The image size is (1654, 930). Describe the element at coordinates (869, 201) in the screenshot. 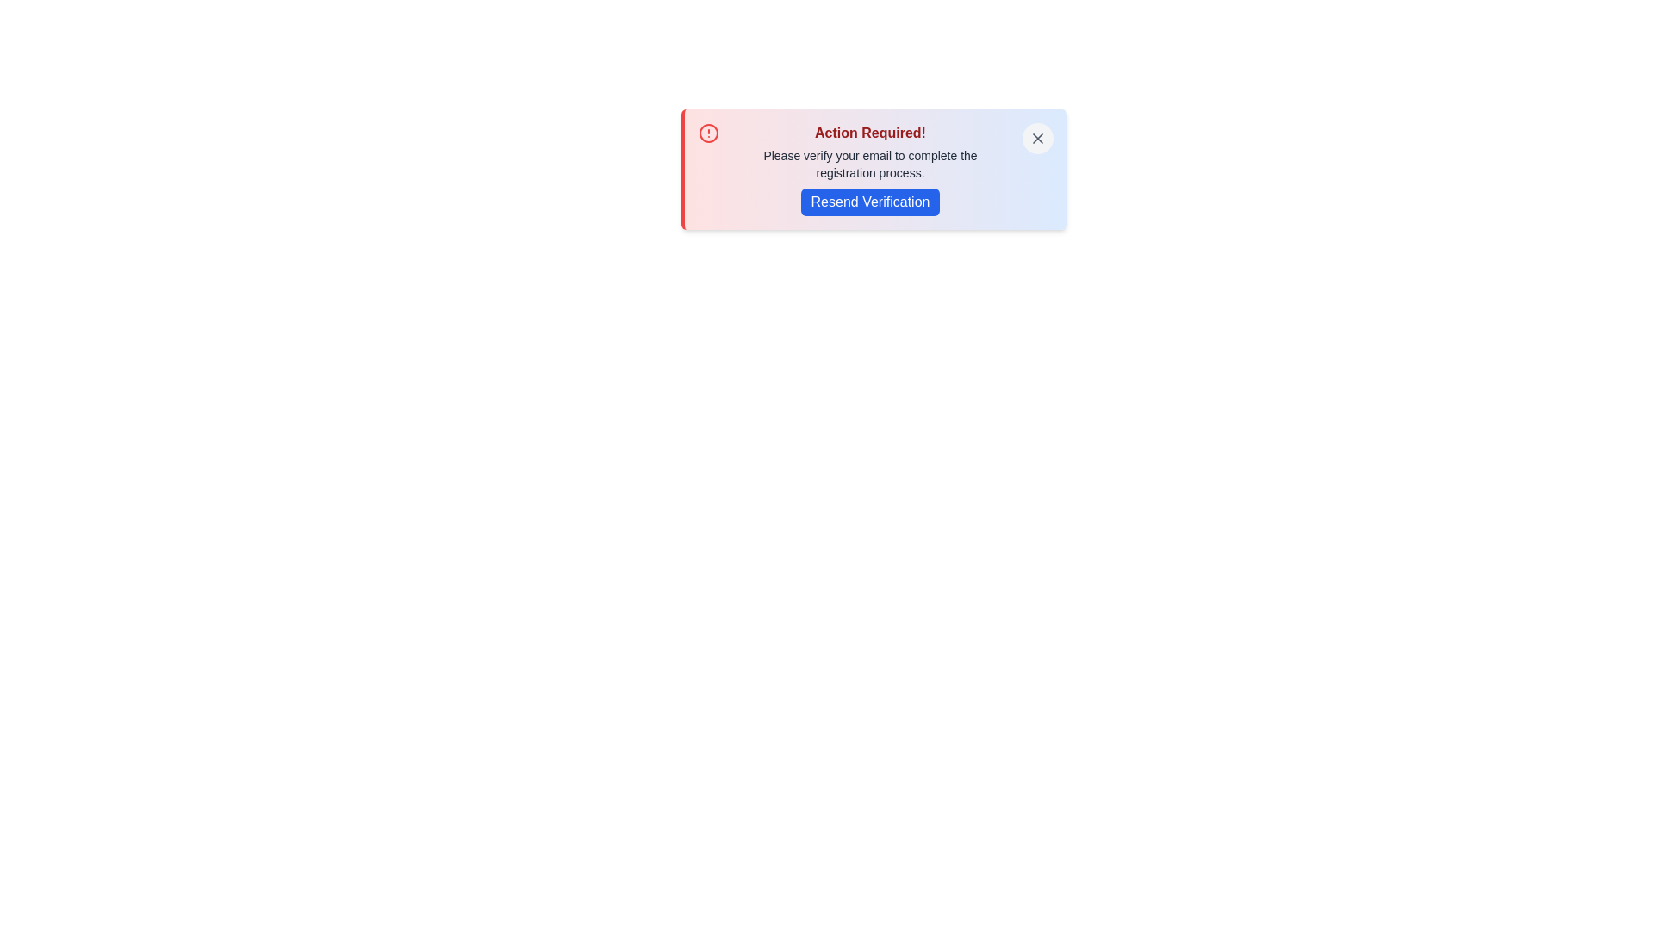

I see `the 'Resend Verification' button` at that location.